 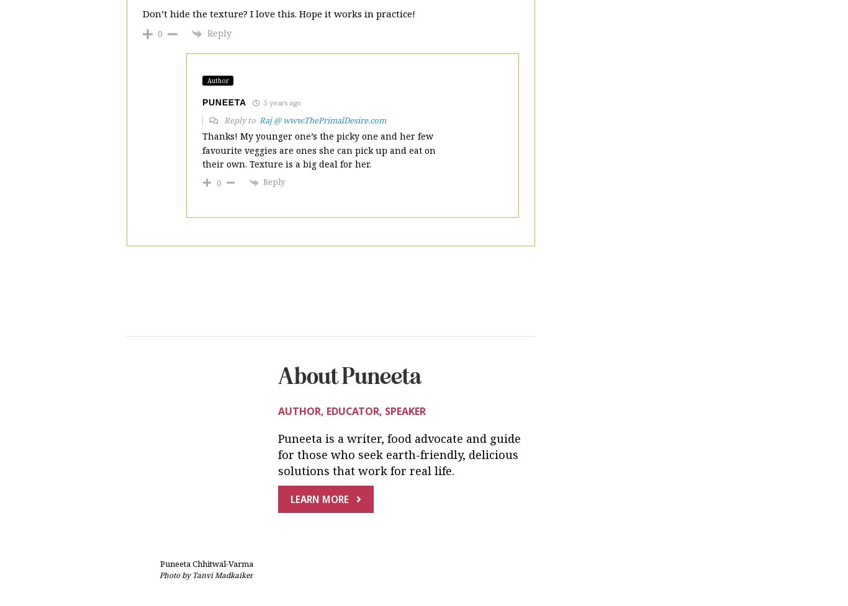 I want to click on 'Author, Educator, Speaker', so click(x=277, y=307).